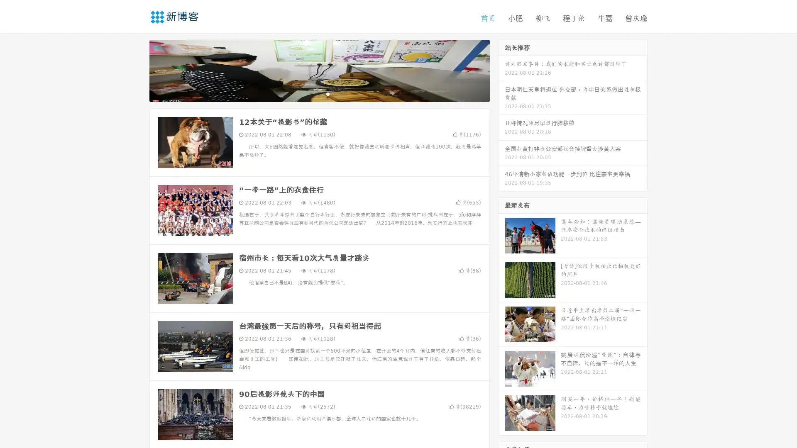 This screenshot has height=448, width=797. Describe the element at coordinates (501, 70) in the screenshot. I see `Next slide` at that location.